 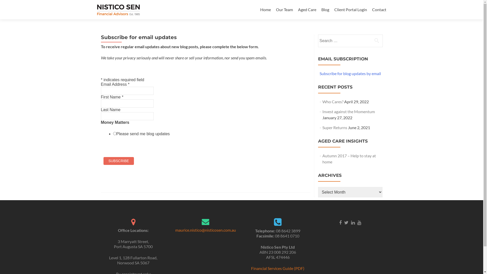 I want to click on 'Subscribe', so click(x=103, y=161).